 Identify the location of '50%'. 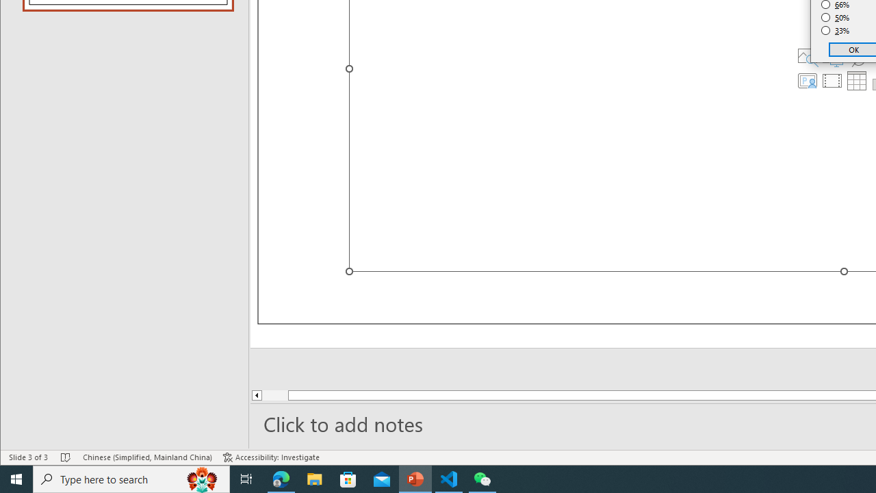
(835, 17).